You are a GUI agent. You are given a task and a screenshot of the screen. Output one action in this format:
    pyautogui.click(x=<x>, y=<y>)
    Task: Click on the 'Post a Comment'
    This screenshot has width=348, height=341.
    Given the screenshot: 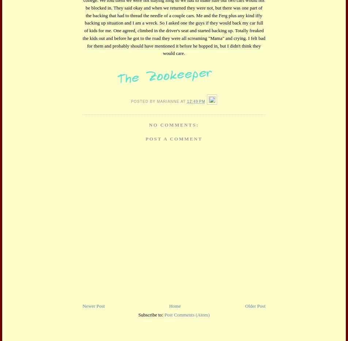 What is the action you would take?
    pyautogui.click(x=174, y=138)
    